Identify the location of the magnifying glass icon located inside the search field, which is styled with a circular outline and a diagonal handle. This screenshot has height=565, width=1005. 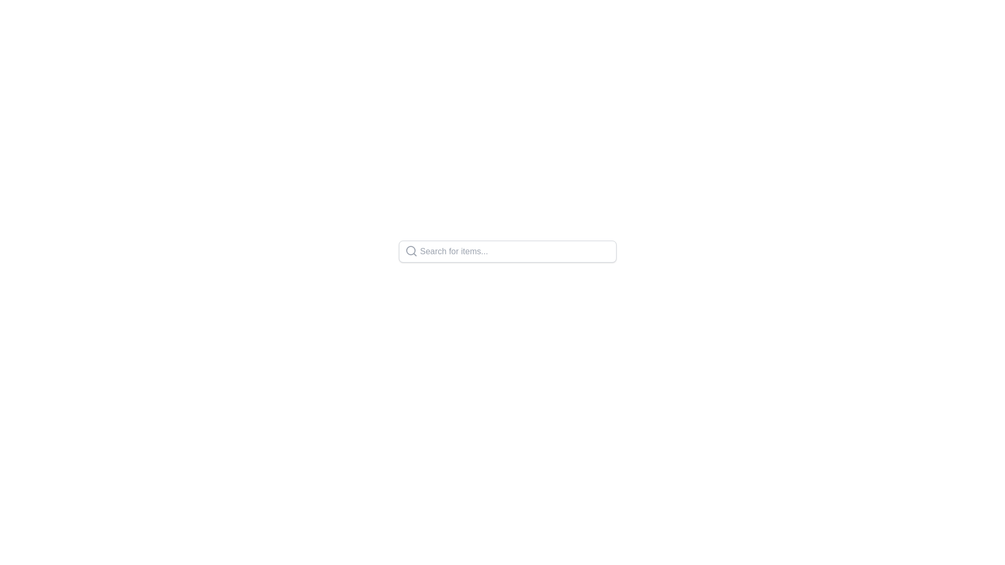
(410, 251).